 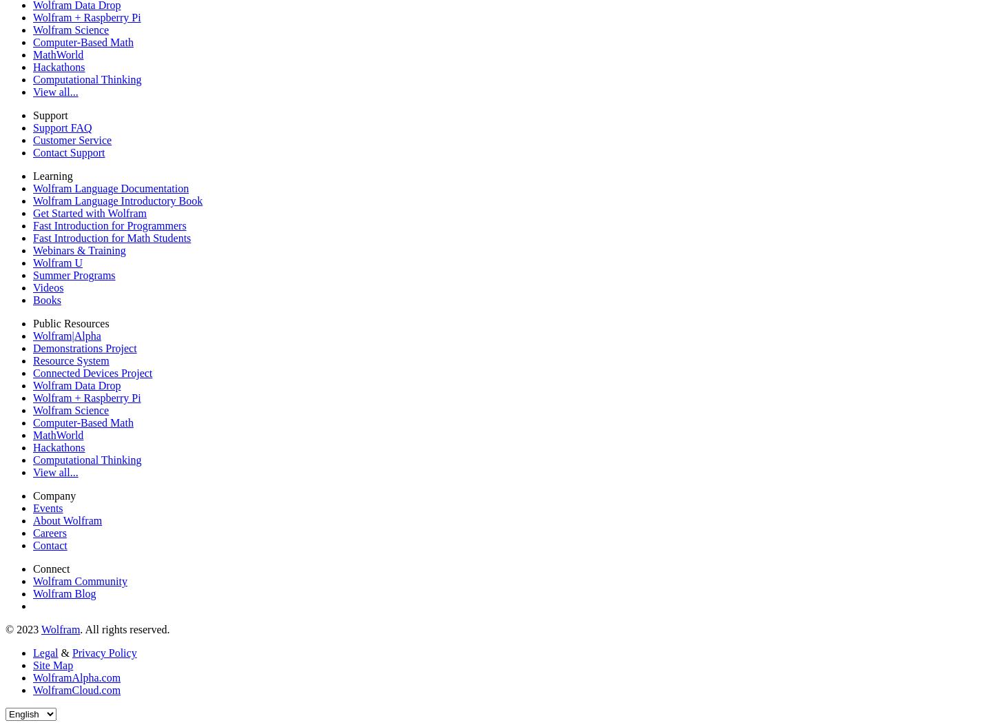 What do you see at coordinates (52, 175) in the screenshot?
I see `'Learning'` at bounding box center [52, 175].